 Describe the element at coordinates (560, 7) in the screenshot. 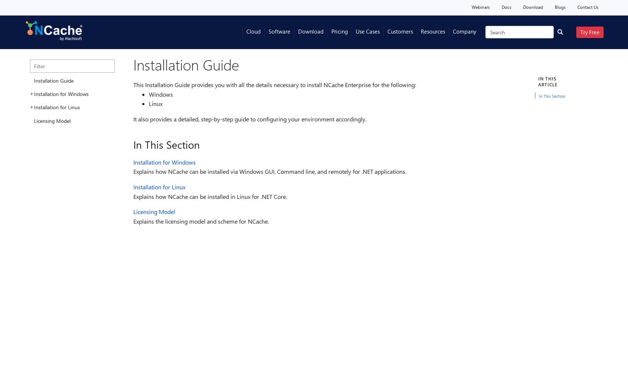

I see `'Blogs'` at that location.